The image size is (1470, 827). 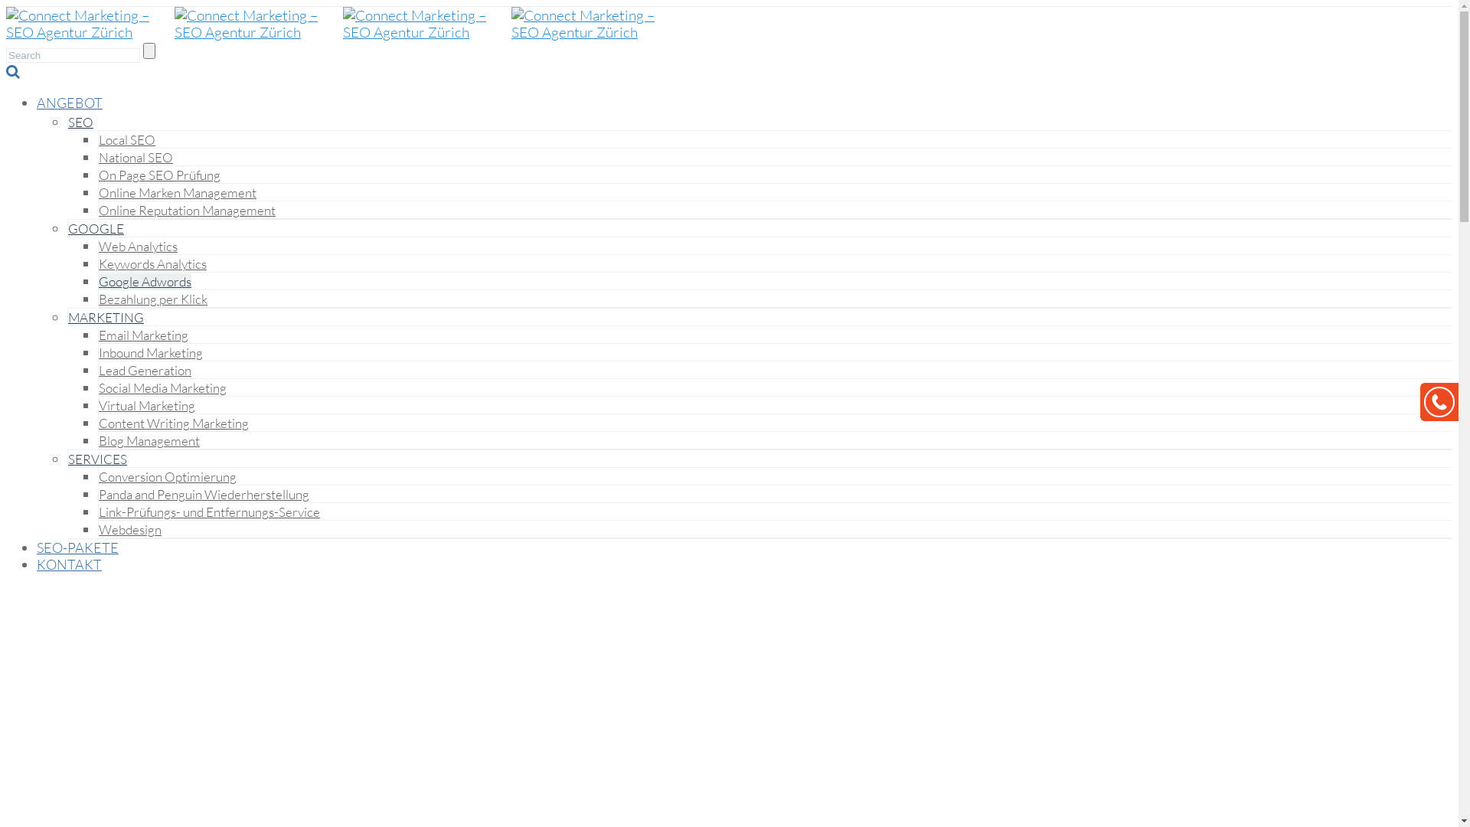 I want to click on 'Local SEO', so click(x=97, y=139).